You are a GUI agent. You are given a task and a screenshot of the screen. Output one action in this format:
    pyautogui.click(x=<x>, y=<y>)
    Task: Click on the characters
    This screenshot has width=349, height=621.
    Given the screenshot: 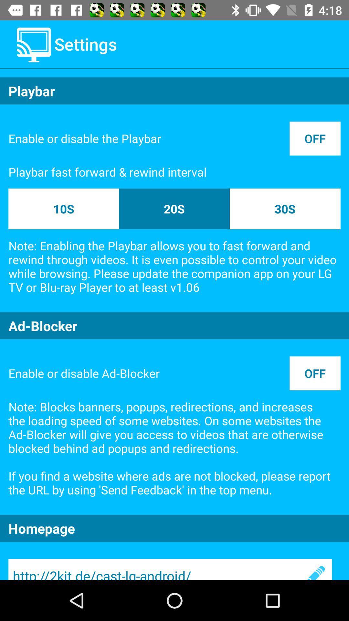 What is the action you would take?
    pyautogui.click(x=315, y=570)
    